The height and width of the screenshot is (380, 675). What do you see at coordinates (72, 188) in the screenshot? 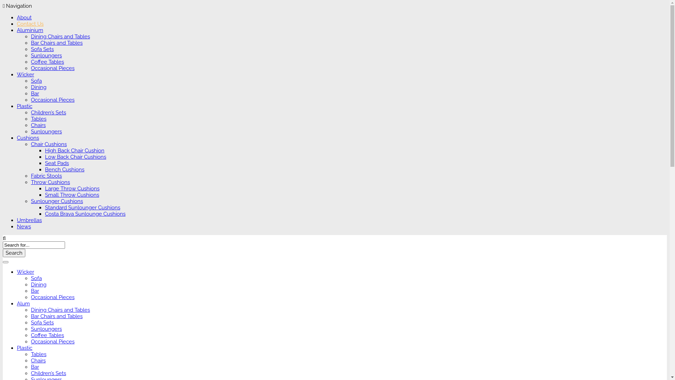
I see `'Large Throw Cushions'` at bounding box center [72, 188].